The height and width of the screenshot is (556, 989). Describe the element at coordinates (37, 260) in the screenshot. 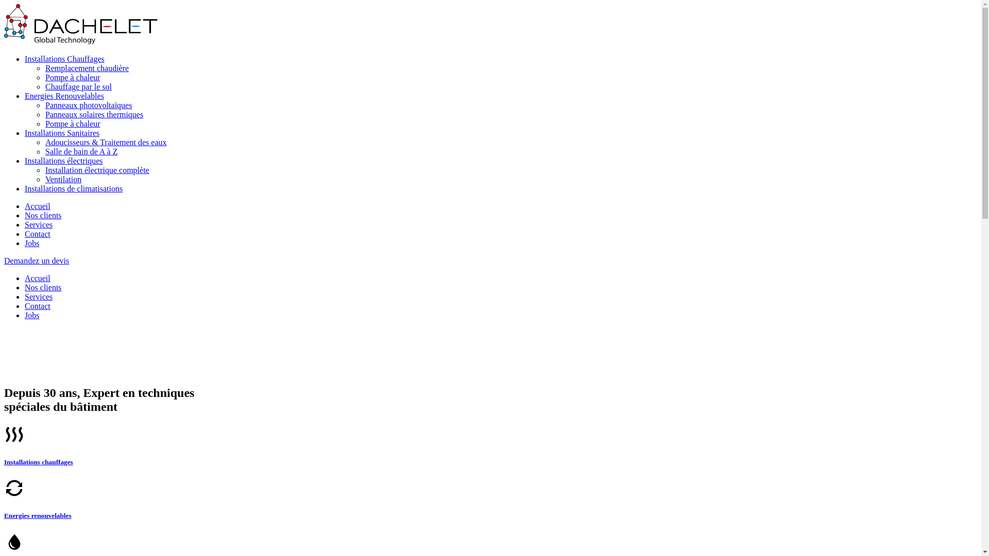

I see `'Demandez un devis'` at that location.